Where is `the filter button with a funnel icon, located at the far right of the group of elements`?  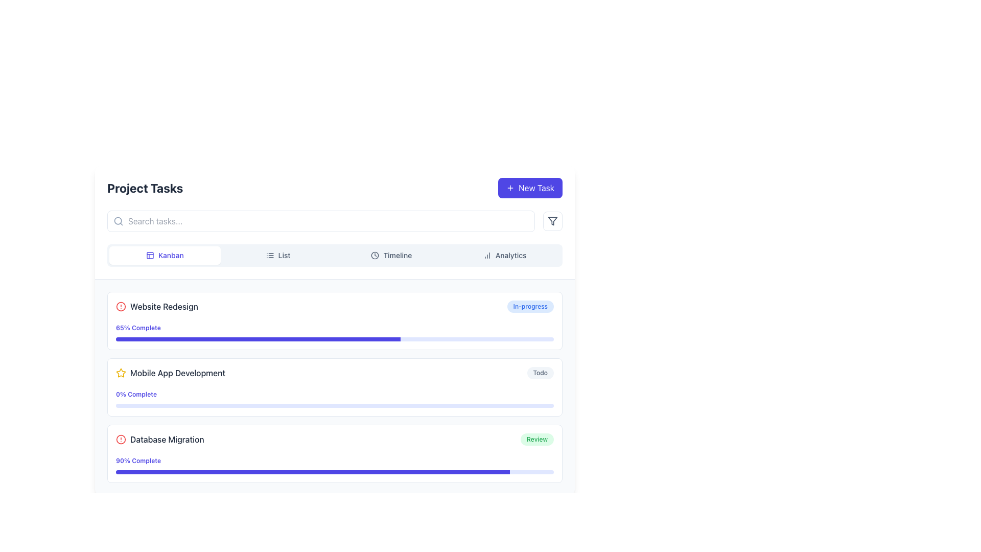
the filter button with a funnel icon, located at the far right of the group of elements is located at coordinates (552, 220).